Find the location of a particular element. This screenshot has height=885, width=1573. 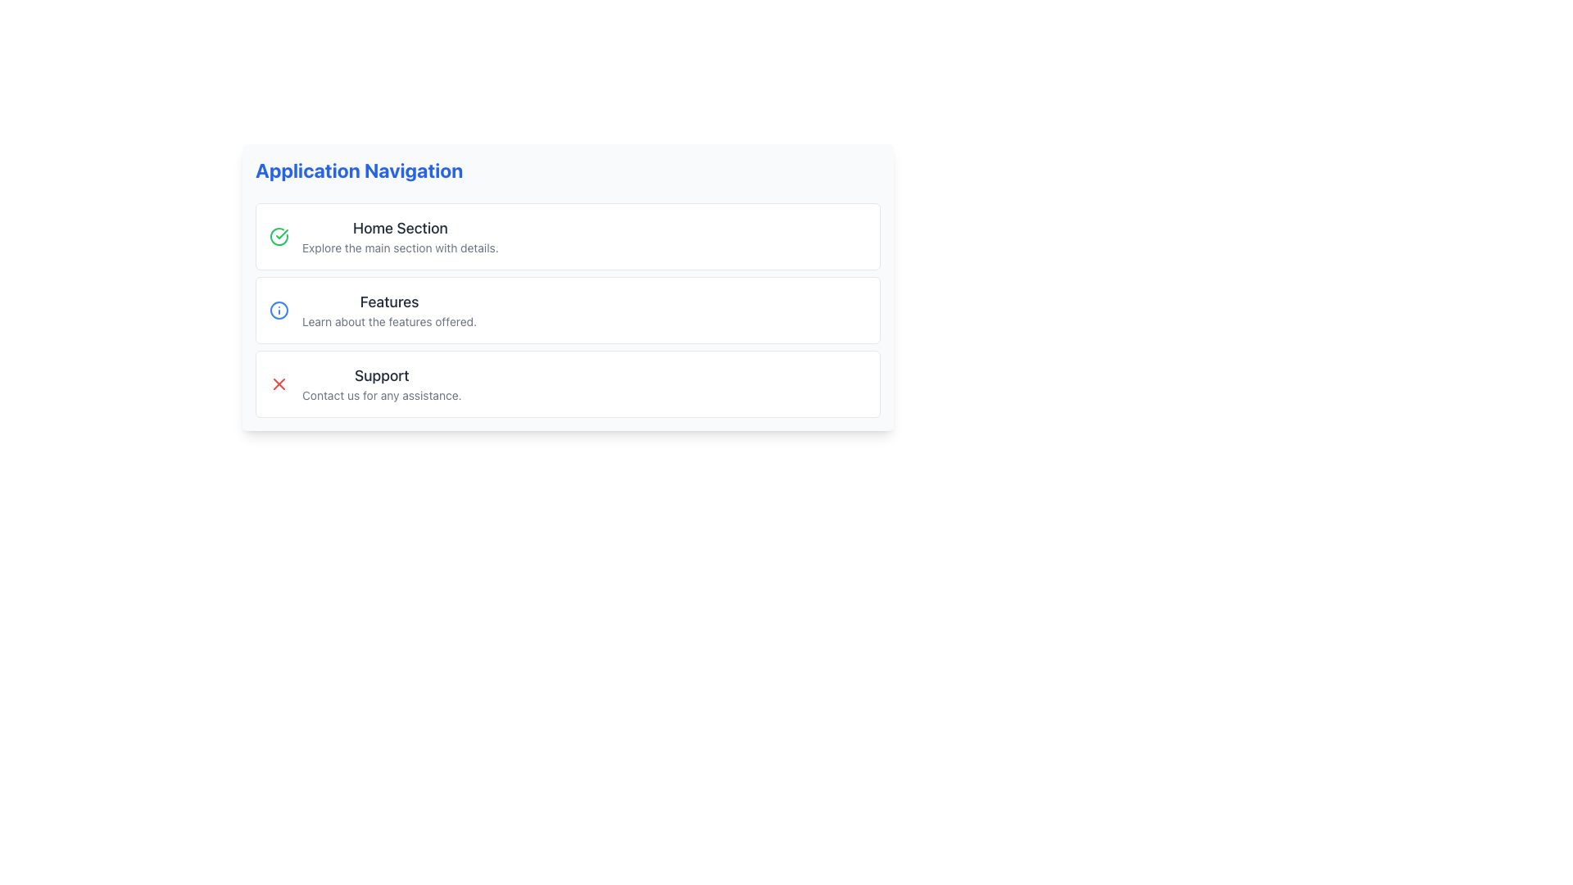

text of the navigational element titled 'Features' which includes a subtitle 'Learn about the features offered.' is located at coordinates (388, 310).